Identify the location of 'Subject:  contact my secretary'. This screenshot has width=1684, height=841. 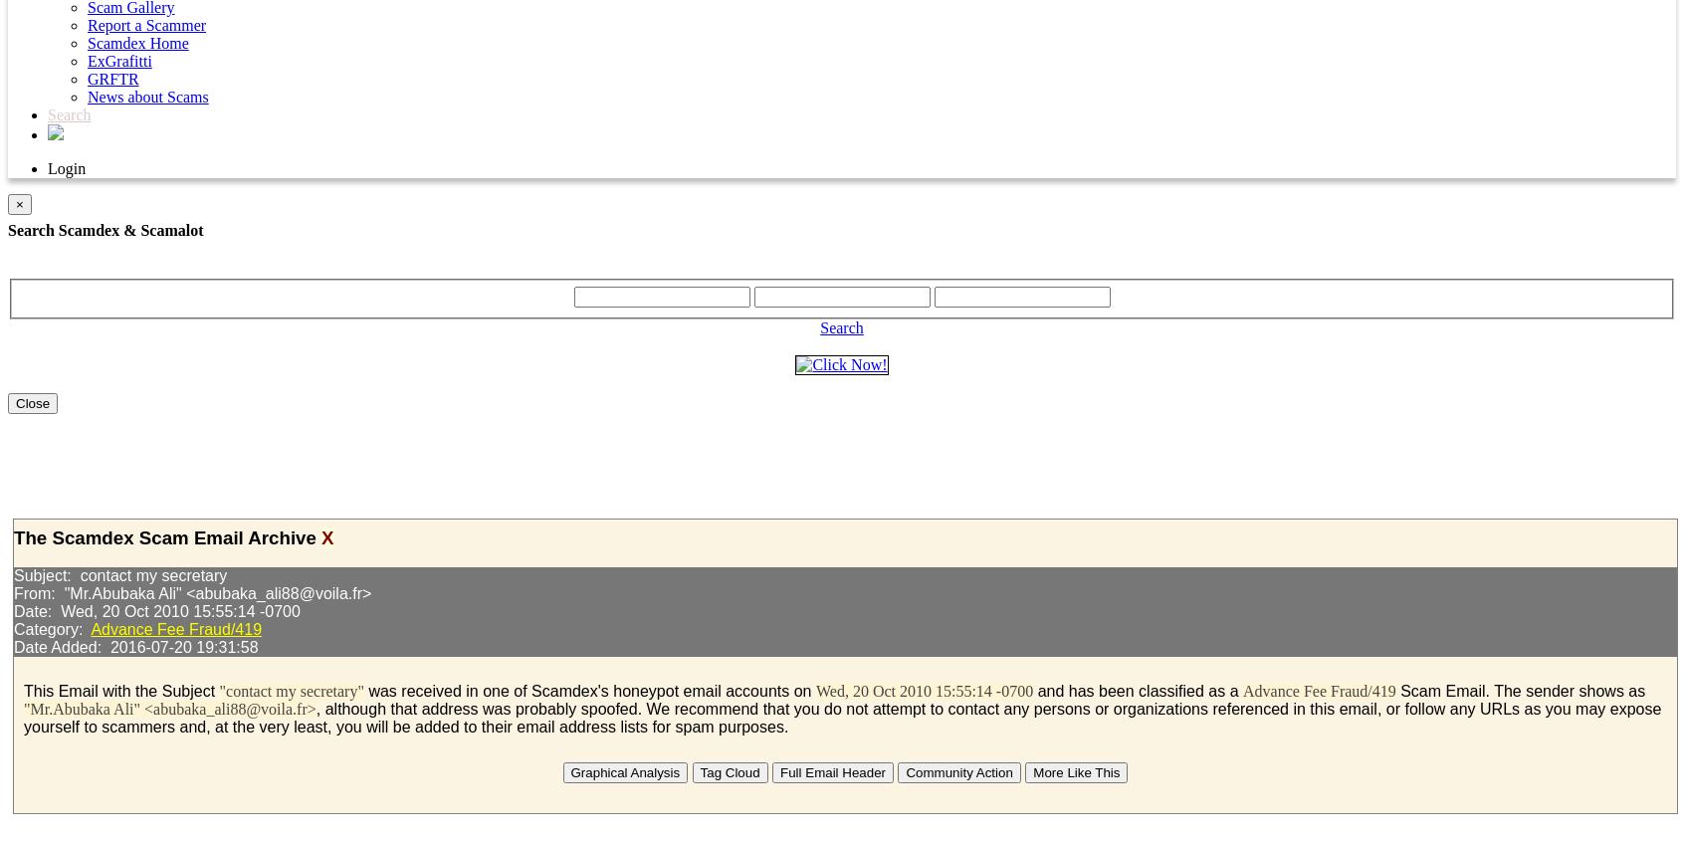
(13, 574).